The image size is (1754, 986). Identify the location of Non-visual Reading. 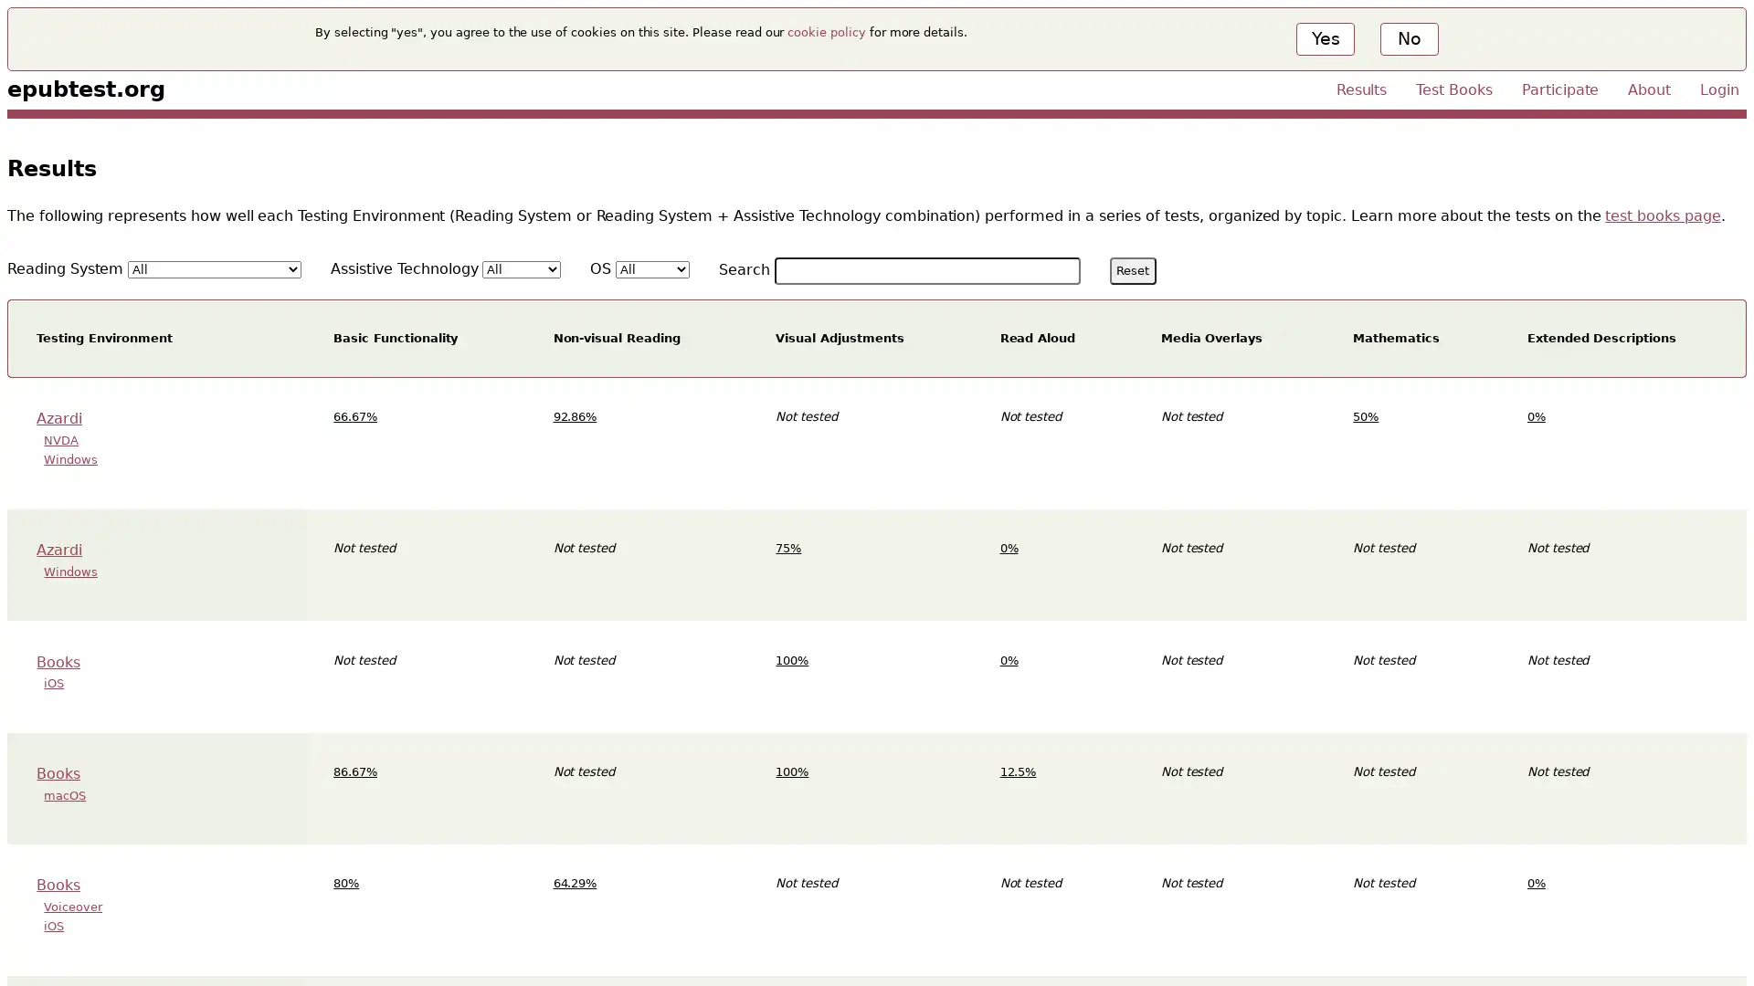
(616, 338).